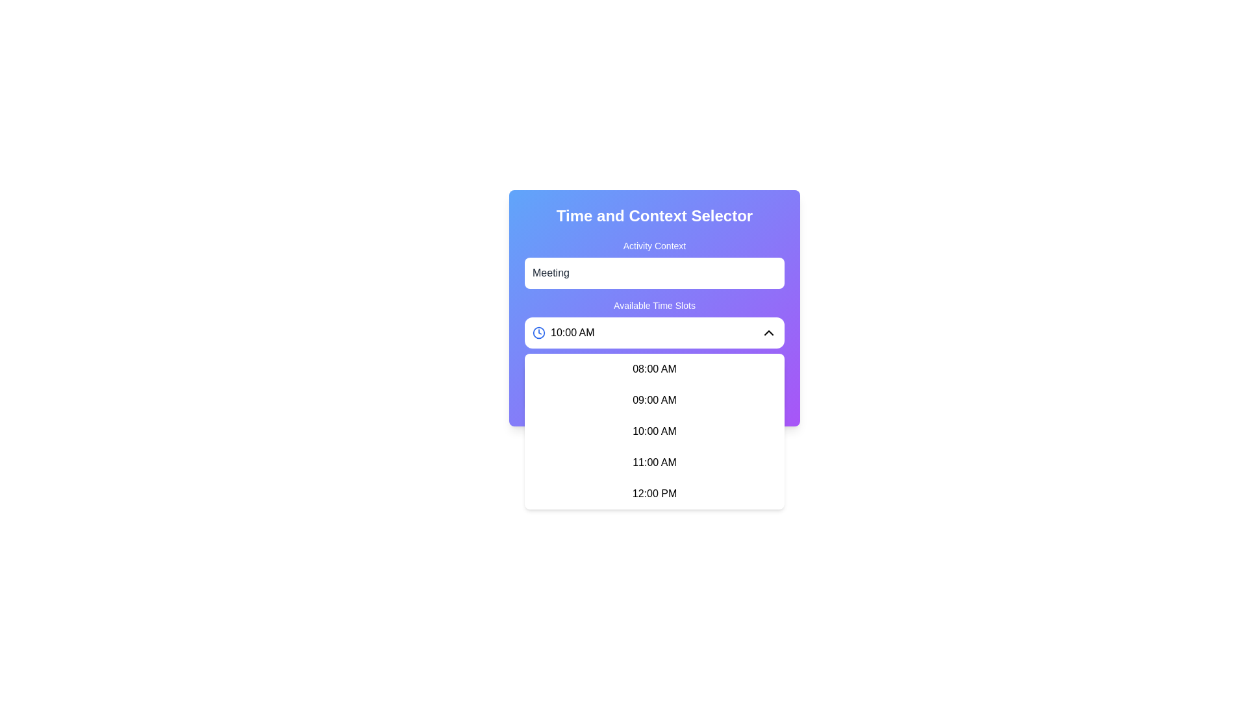 The height and width of the screenshot is (701, 1247). I want to click on the dropdown menu in the 'Time and Context Selector' component, so click(655, 308).